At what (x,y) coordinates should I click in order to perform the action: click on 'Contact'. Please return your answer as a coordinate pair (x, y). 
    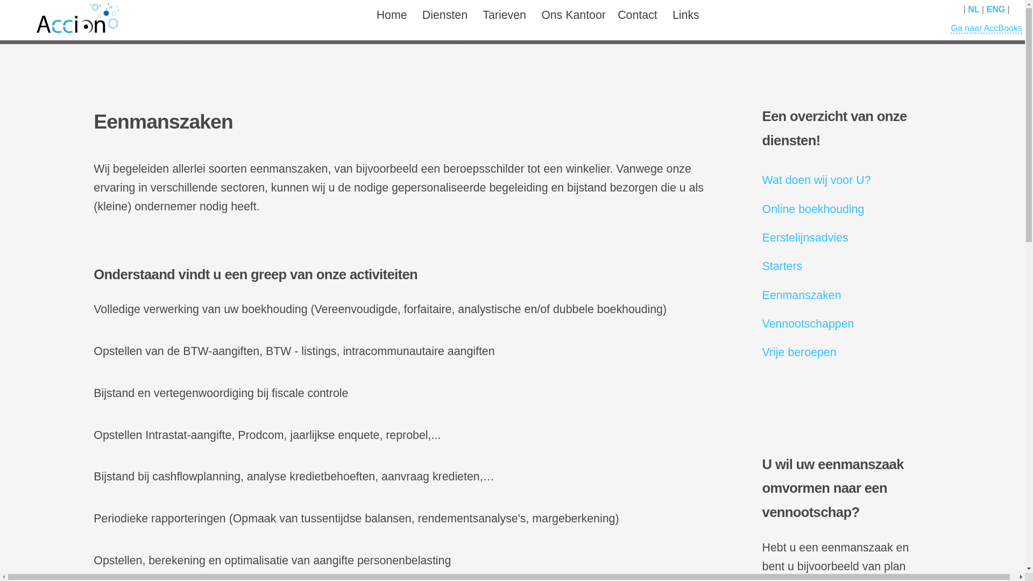
    Looking at the image, I should click on (638, 20).